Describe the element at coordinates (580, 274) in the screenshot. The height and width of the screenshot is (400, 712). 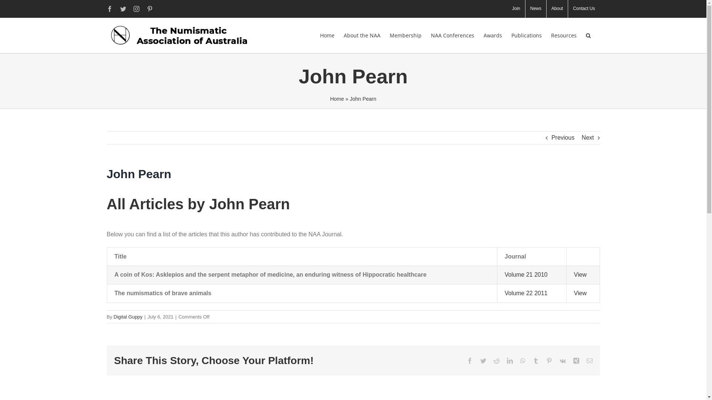
I see `'View'` at that location.